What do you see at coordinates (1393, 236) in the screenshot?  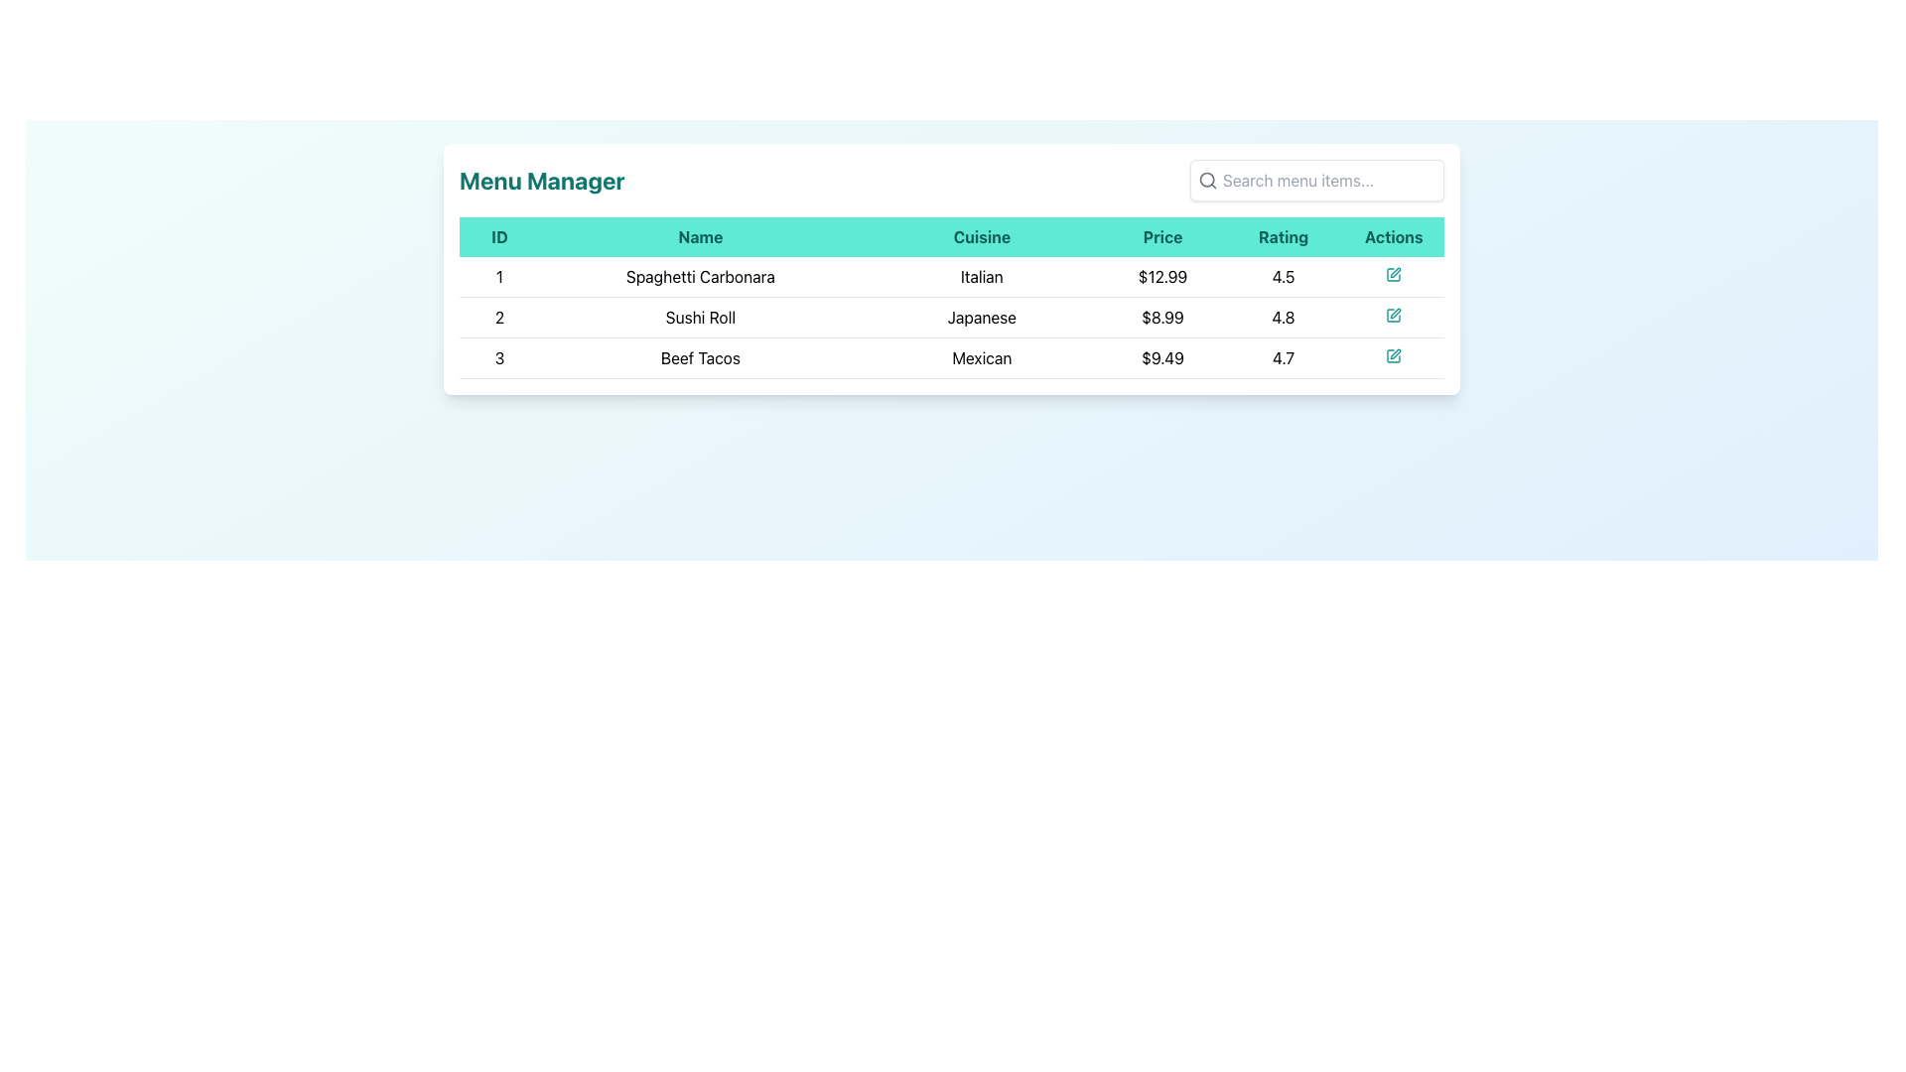 I see `the text label in the header row of the table that indicates action buttons or links, located as the sixth item from the left and positioned at the far right` at bounding box center [1393, 236].